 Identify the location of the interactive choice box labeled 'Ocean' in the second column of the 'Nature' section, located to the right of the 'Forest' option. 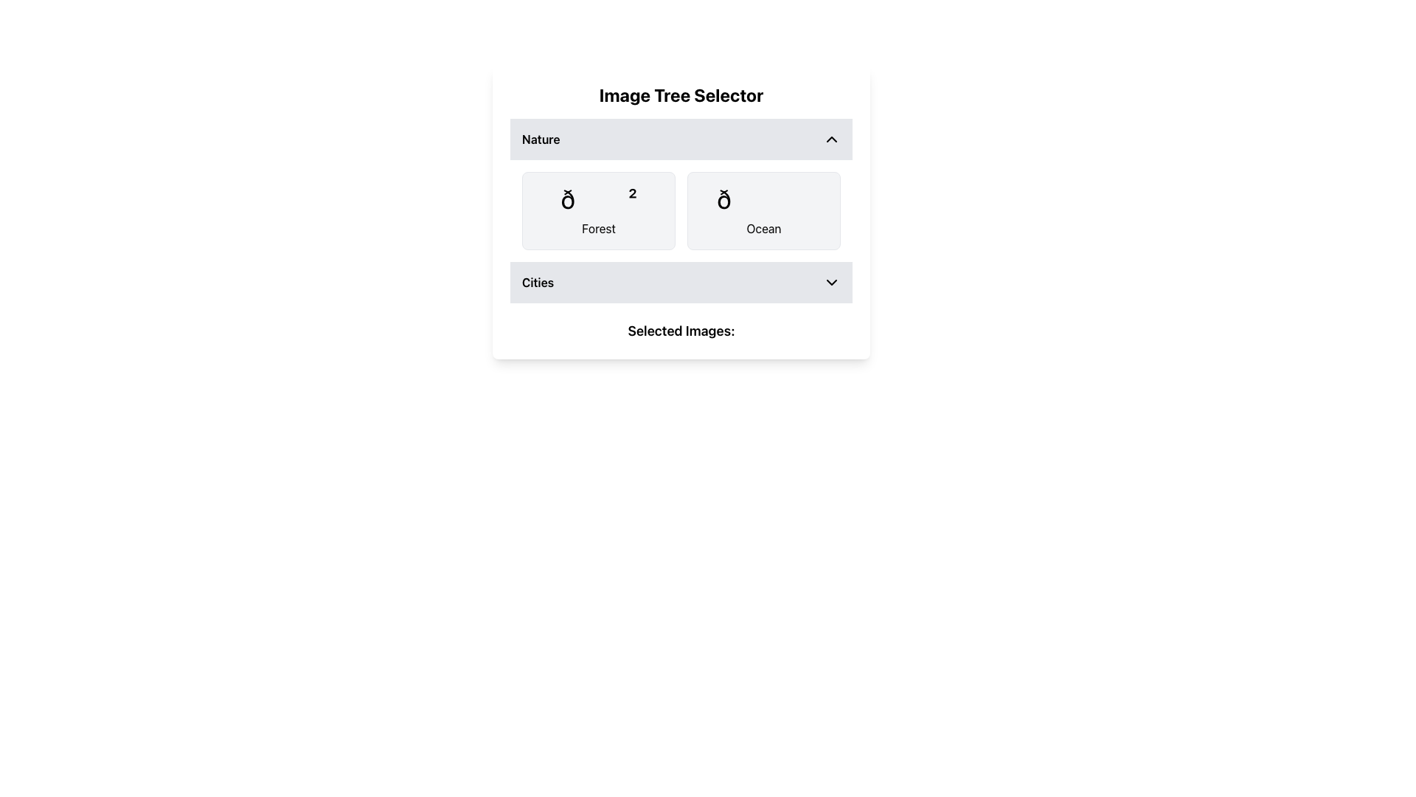
(764, 210).